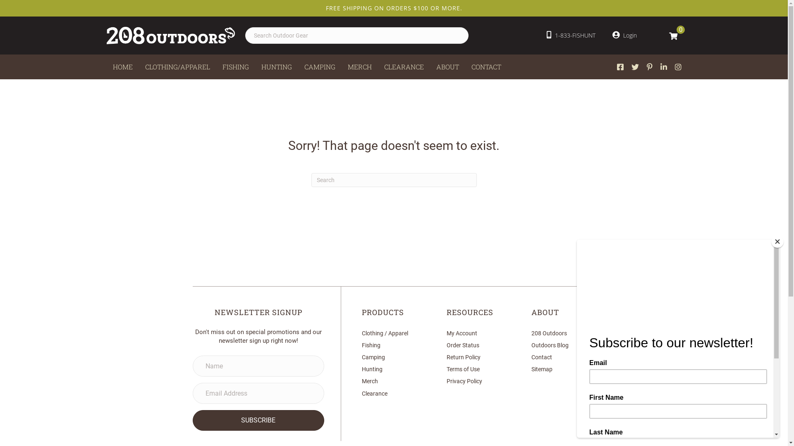 Image resolution: width=794 pixels, height=446 pixels. Describe the element at coordinates (462, 332) in the screenshot. I see `'My Account'` at that location.